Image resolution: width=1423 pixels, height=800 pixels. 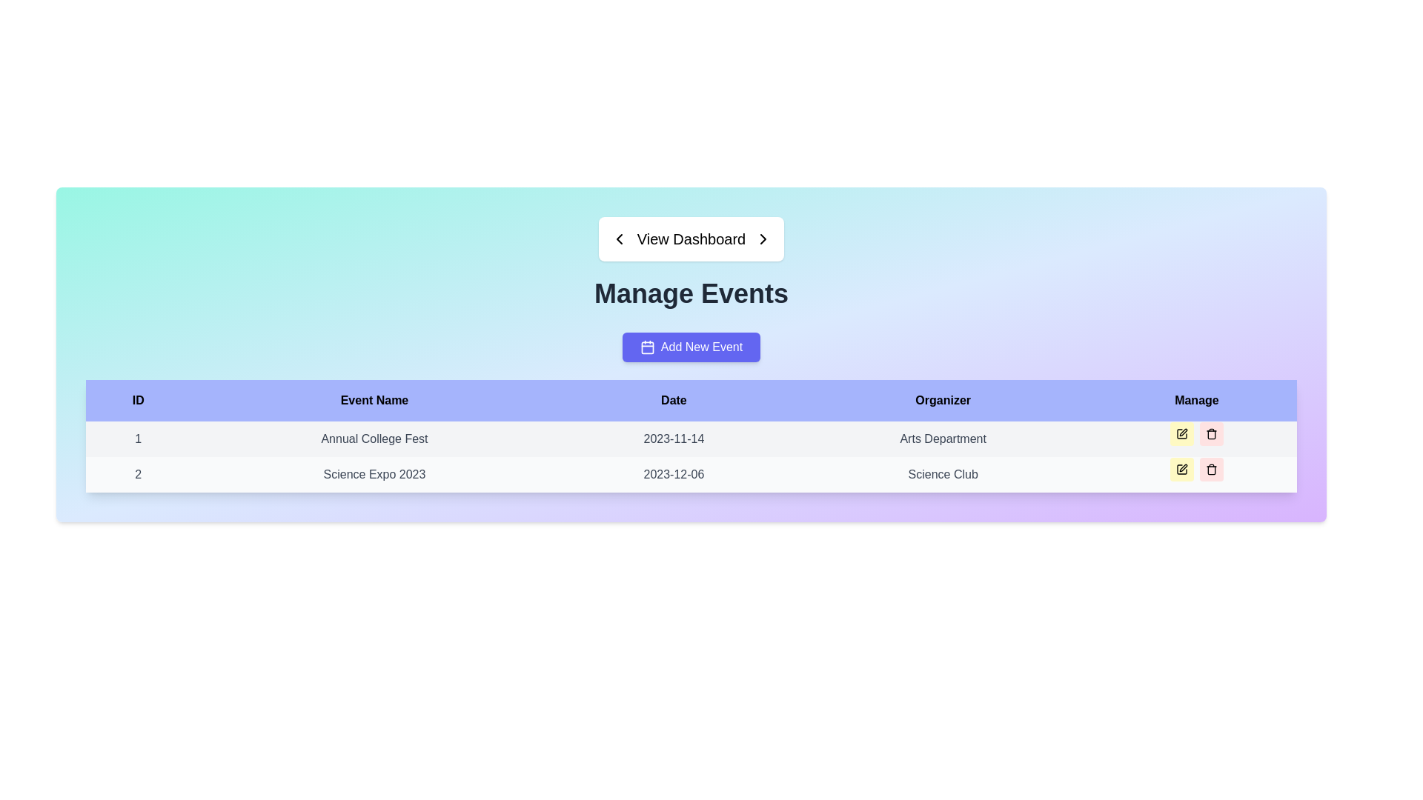 I want to click on the centered textual content displaying the numeral '2' which is styled with a medium gray font and positioned in the first cell of the second row under the 'ID' column, so click(x=138, y=474).